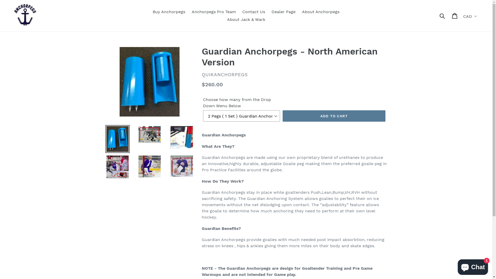 This screenshot has height=279, width=496. Describe the element at coordinates (448, 16) in the screenshot. I see `'Cart'` at that location.